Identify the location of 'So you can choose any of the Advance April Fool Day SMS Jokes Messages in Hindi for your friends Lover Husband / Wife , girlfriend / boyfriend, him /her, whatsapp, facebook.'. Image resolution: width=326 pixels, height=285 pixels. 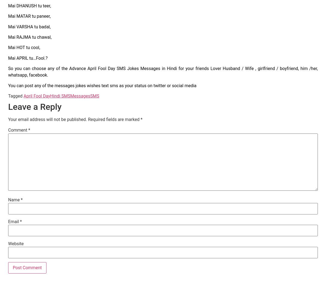
(163, 72).